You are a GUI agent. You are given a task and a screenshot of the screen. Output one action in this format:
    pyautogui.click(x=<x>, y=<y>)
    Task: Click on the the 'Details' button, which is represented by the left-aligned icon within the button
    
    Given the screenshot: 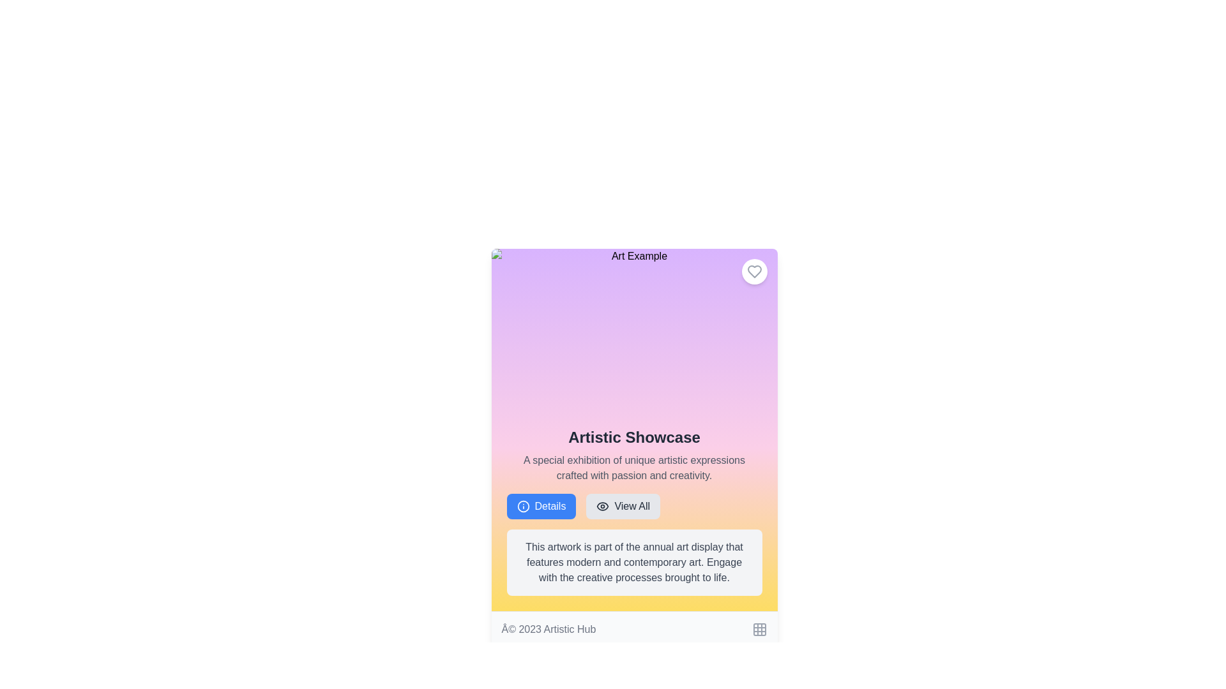 What is the action you would take?
    pyautogui.click(x=523, y=506)
    